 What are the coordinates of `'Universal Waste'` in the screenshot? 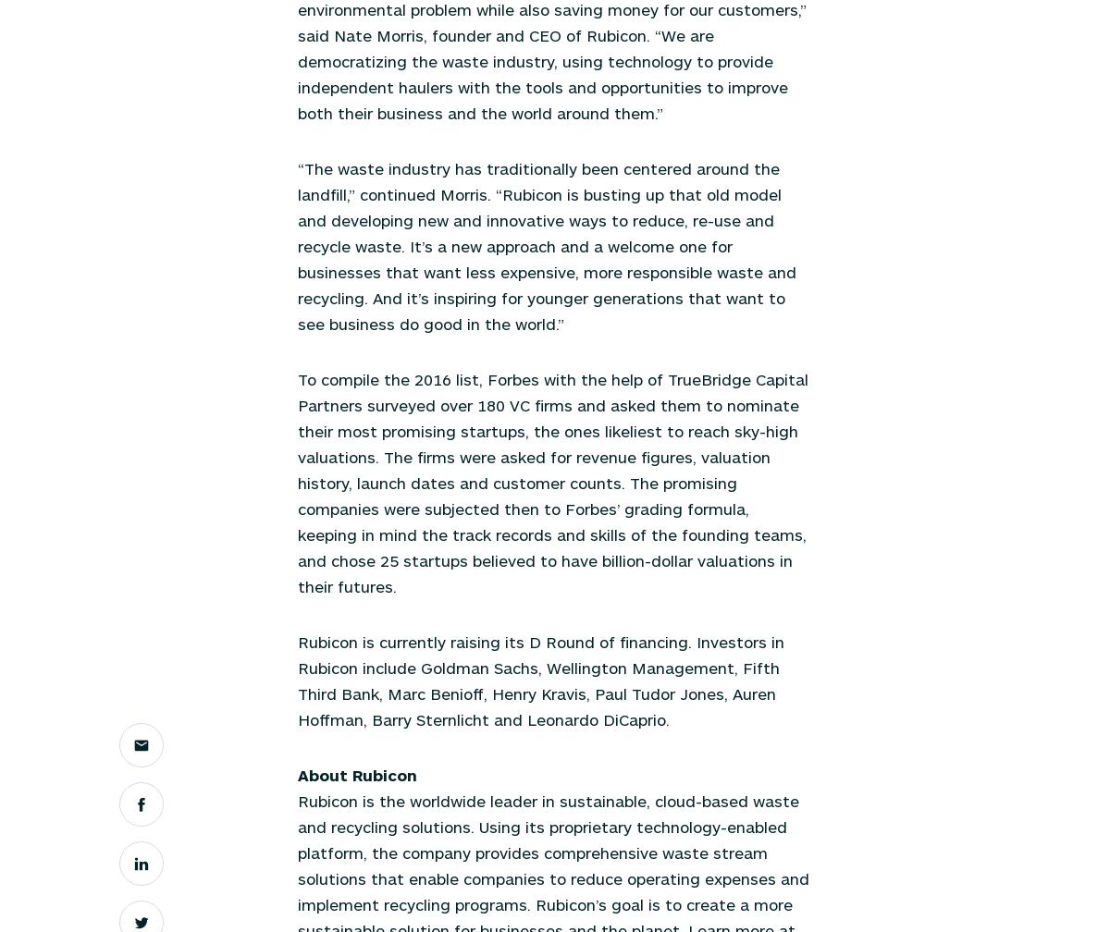 It's located at (548, 183).